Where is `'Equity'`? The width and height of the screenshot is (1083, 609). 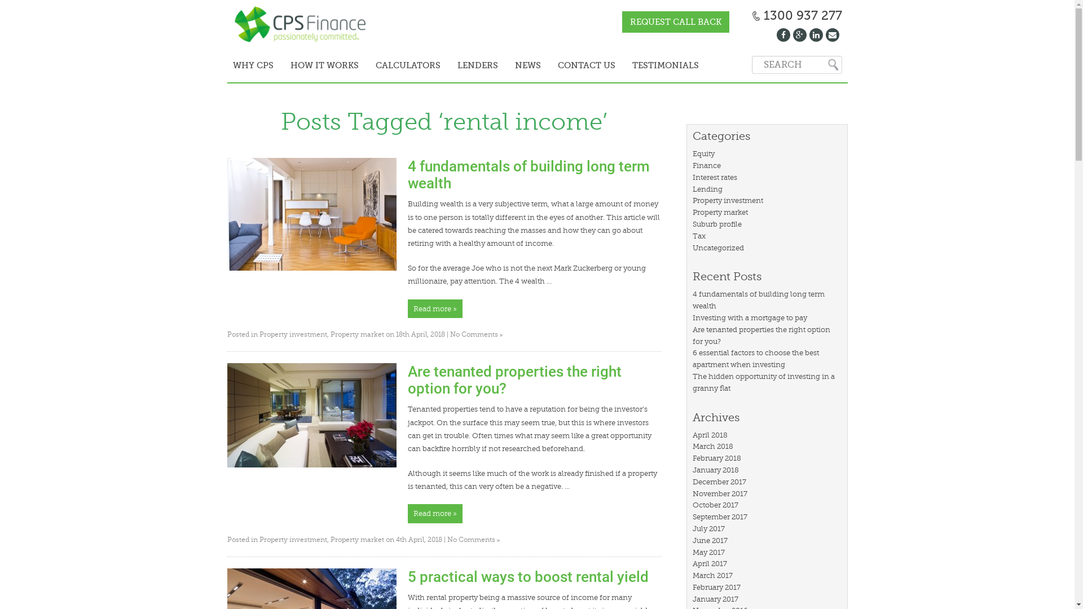 'Equity' is located at coordinates (703, 153).